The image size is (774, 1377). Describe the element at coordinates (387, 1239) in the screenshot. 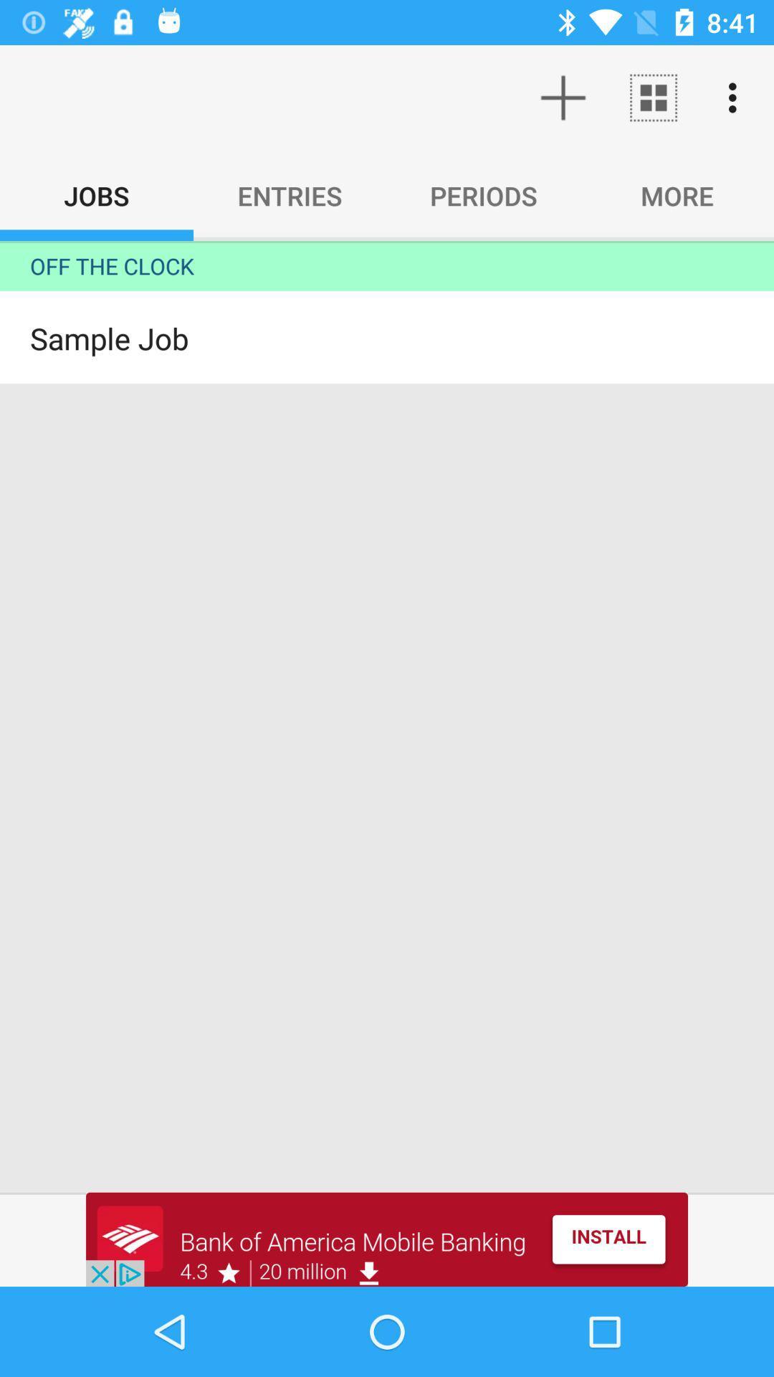

I see `advertisement` at that location.